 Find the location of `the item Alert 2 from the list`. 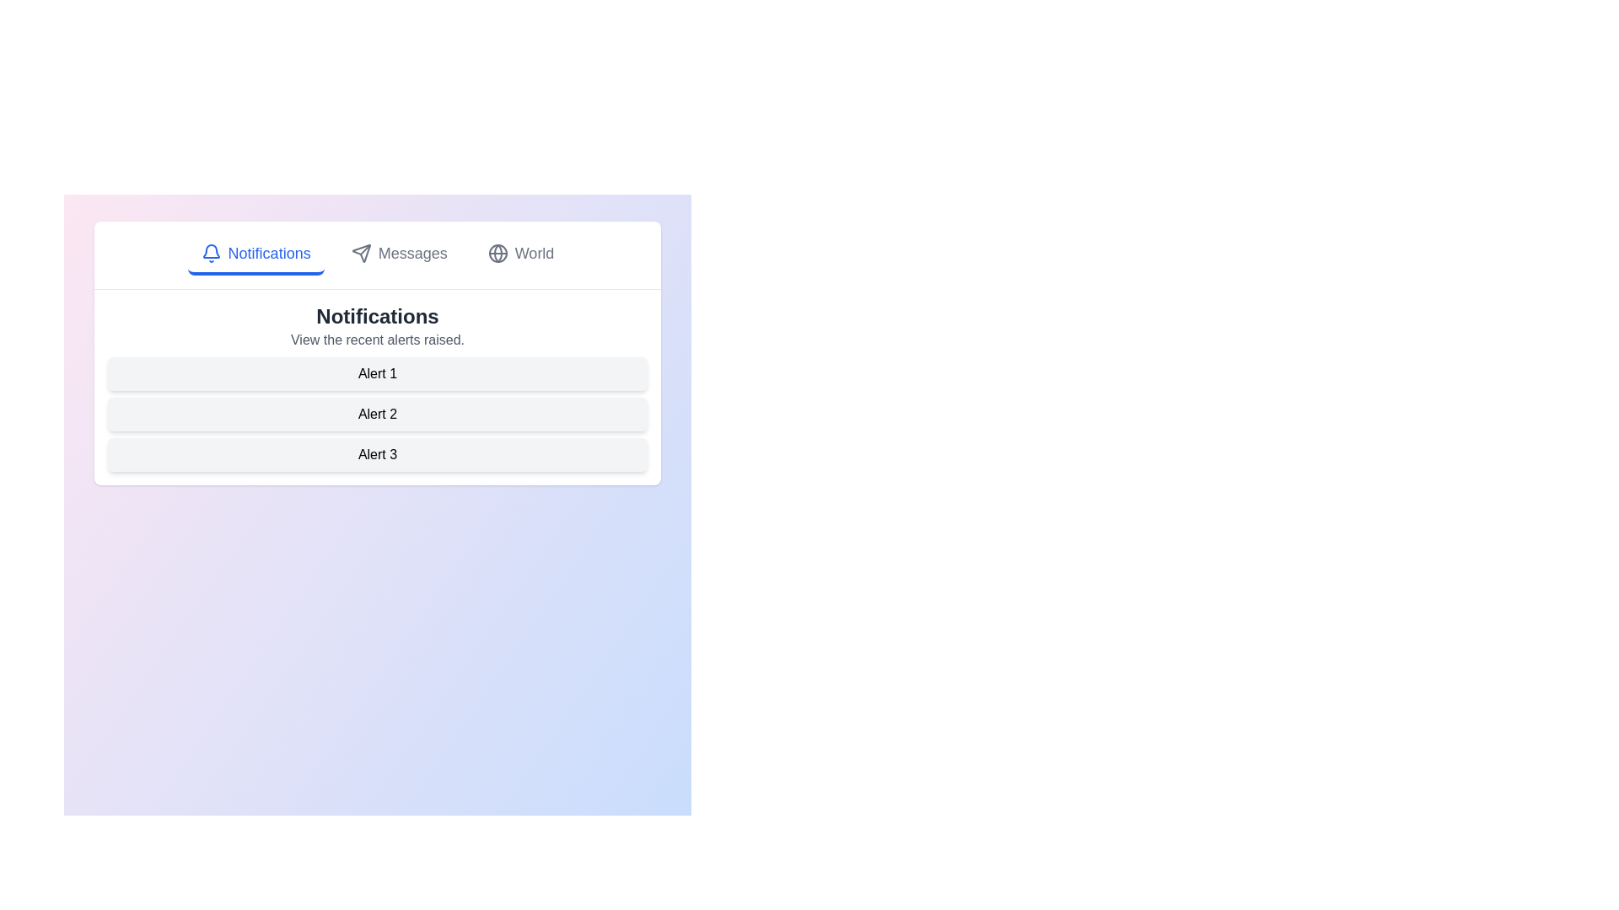

the item Alert 2 from the list is located at coordinates (376, 415).